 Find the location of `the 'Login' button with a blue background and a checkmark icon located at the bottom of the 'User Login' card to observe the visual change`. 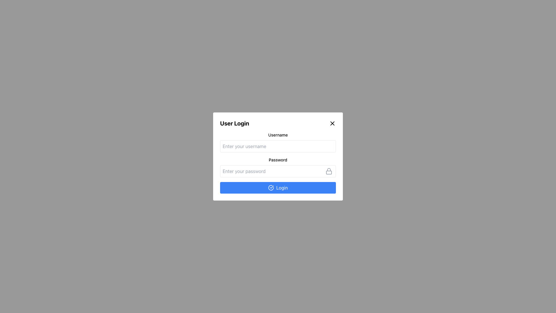

the 'Login' button with a blue background and a checkmark icon located at the bottom of the 'User Login' card to observe the visual change is located at coordinates (278, 188).